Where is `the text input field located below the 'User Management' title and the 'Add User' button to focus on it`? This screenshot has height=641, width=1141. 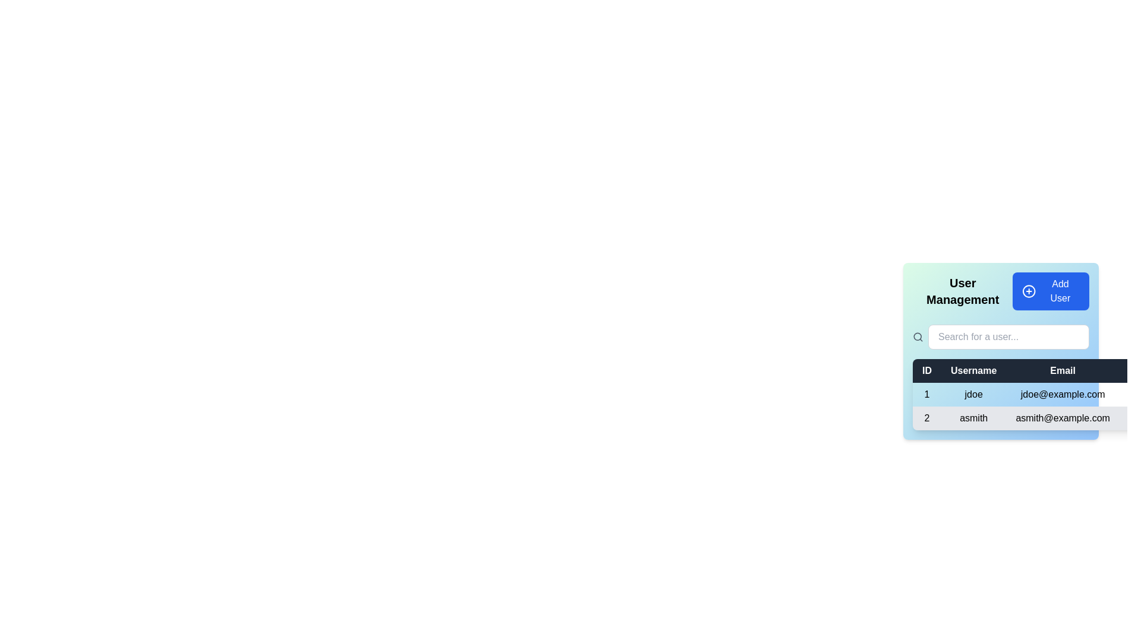
the text input field located below the 'User Management' title and the 'Add User' button to focus on it is located at coordinates (1000, 341).